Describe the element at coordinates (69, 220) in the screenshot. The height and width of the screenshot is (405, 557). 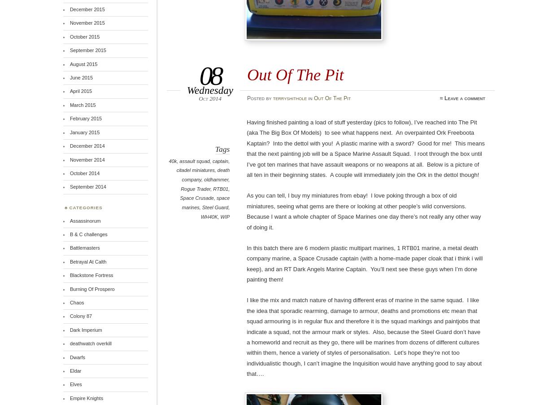
I see `'Assassinorum'` at that location.